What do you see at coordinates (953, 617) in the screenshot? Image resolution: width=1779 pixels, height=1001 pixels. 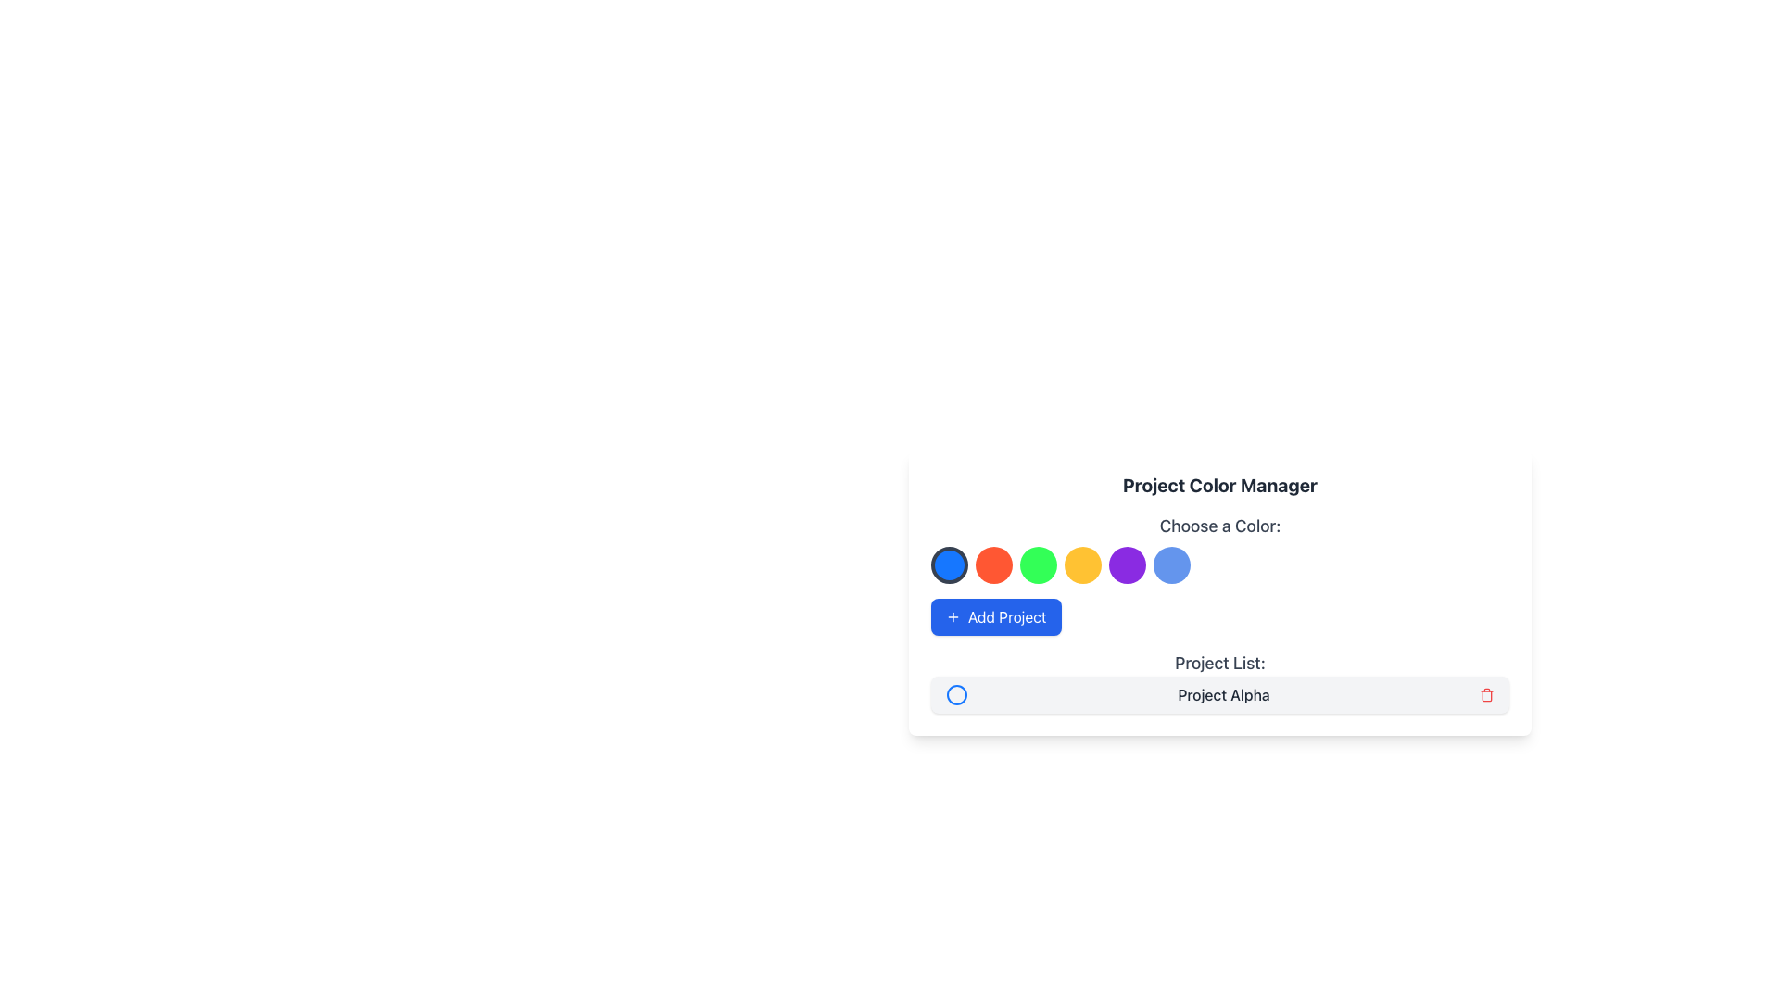 I see `the small plus sign icon located on the left side of the 'Add Project' button` at bounding box center [953, 617].